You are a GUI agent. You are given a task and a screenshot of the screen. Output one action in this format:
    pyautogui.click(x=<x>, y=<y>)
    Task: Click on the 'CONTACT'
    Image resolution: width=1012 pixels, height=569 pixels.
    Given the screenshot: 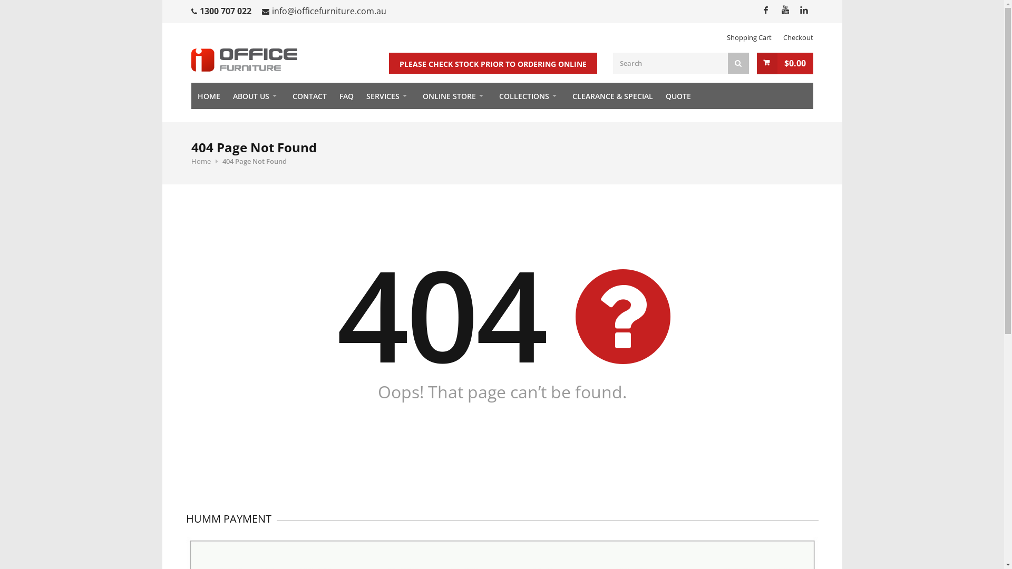 What is the action you would take?
    pyautogui.click(x=308, y=95)
    